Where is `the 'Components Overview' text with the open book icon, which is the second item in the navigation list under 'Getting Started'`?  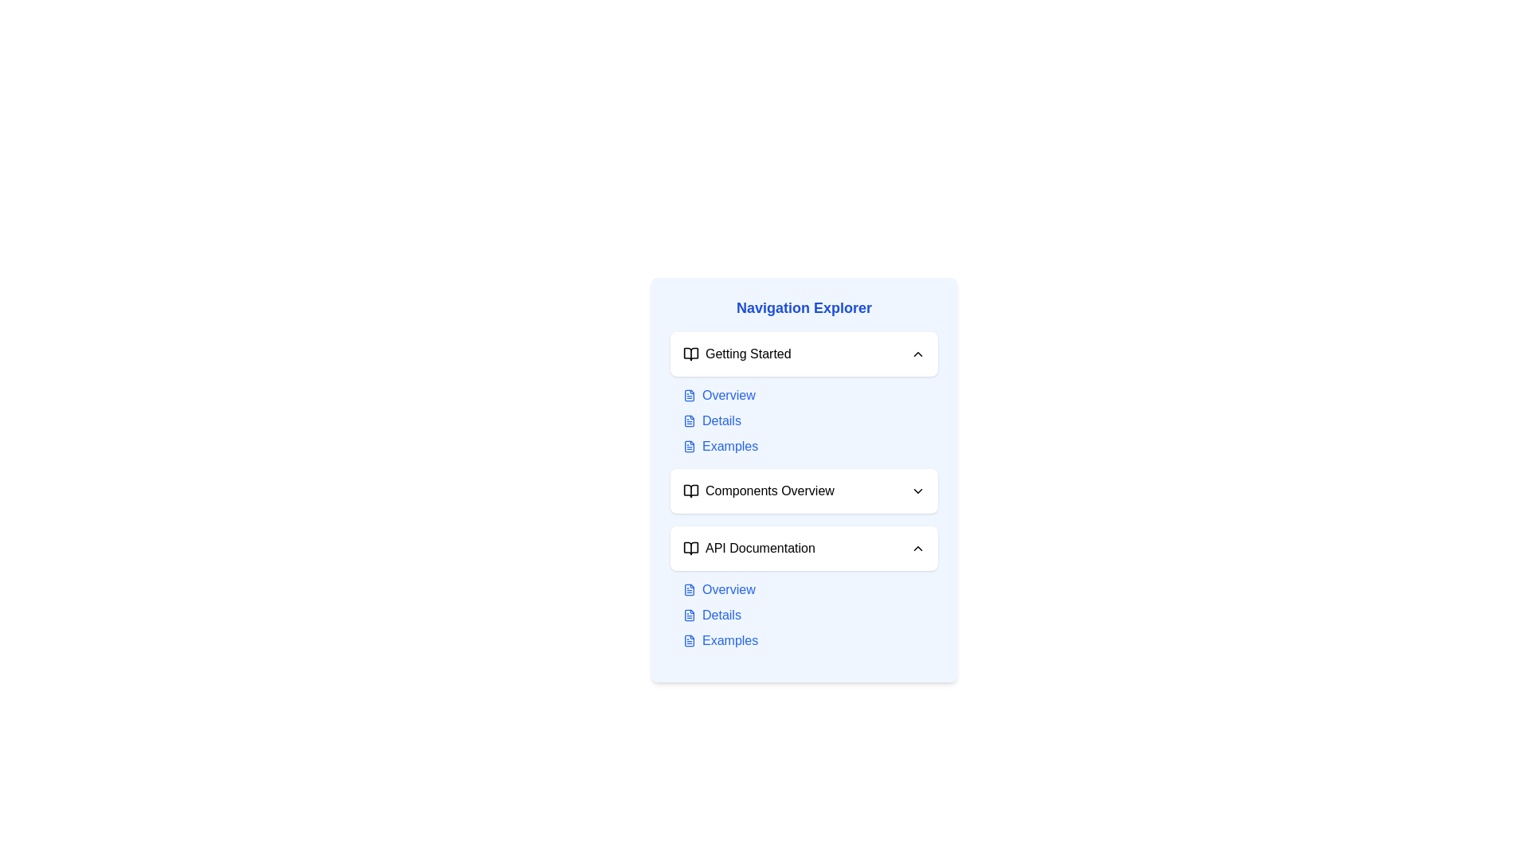
the 'Components Overview' text with the open book icon, which is the second item in the navigation list under 'Getting Started' is located at coordinates (757, 491).